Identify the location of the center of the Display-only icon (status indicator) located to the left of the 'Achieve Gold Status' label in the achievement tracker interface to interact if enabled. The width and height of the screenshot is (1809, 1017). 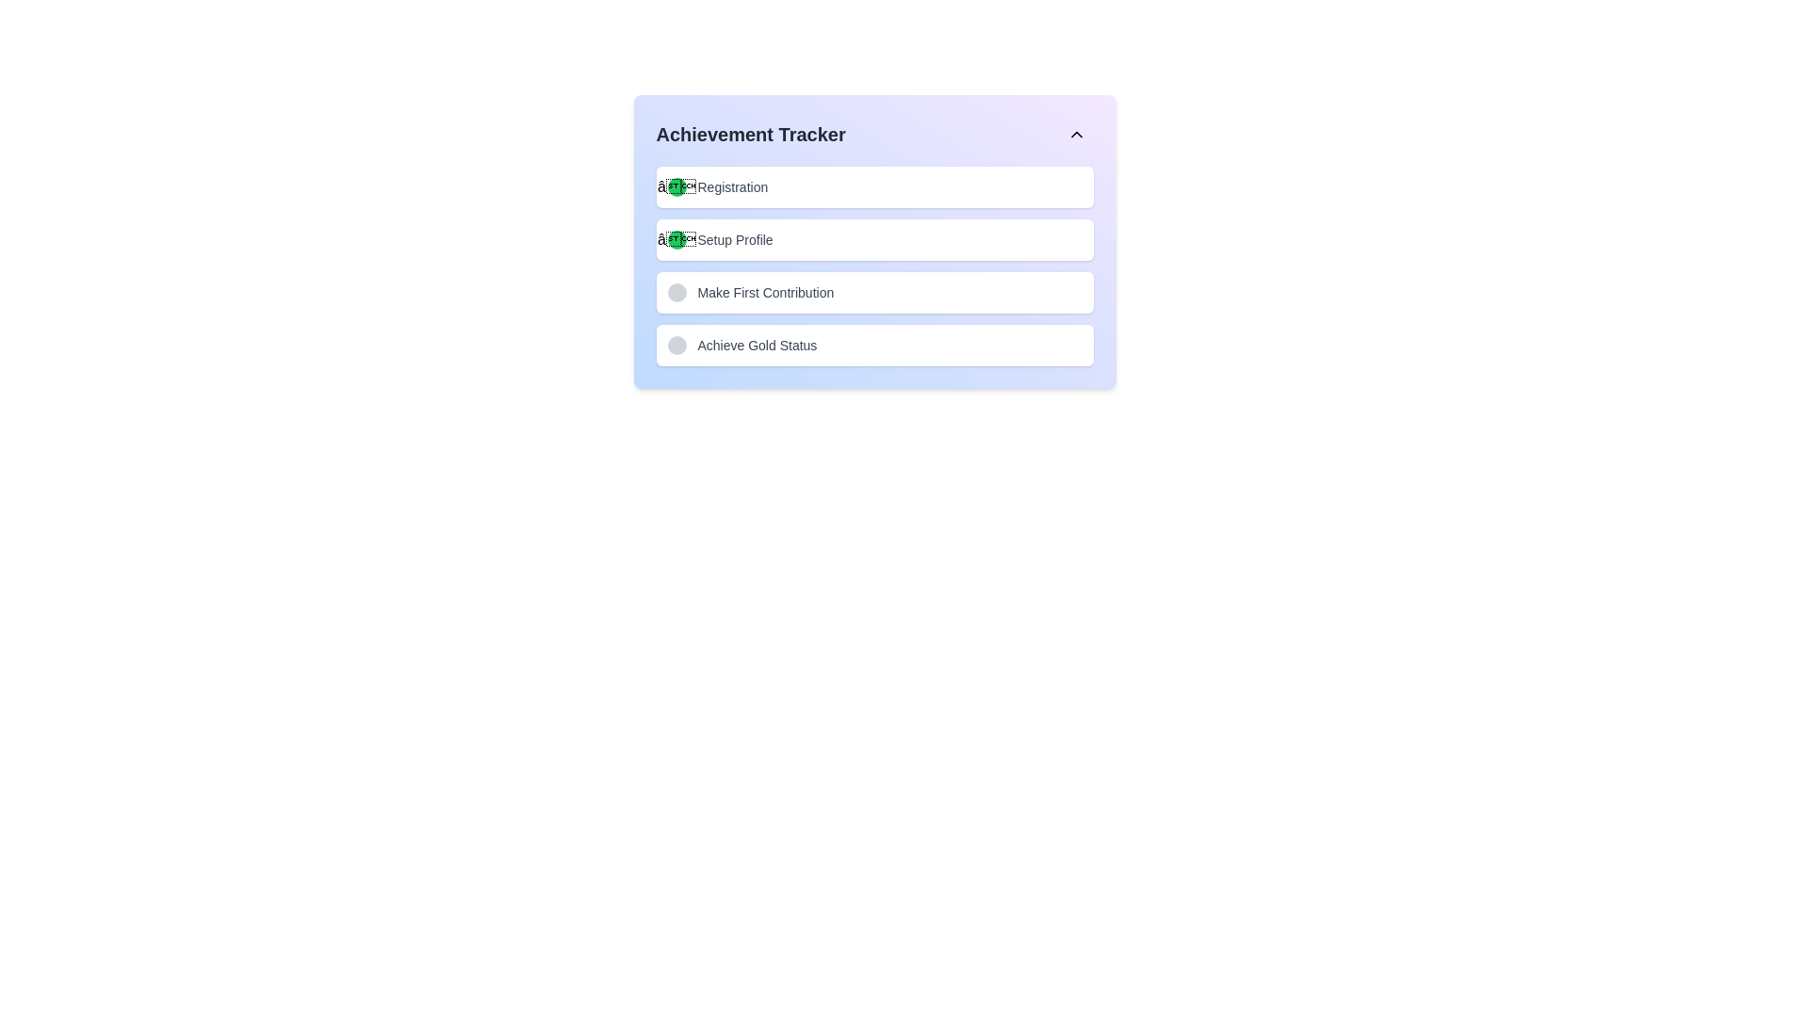
(676, 345).